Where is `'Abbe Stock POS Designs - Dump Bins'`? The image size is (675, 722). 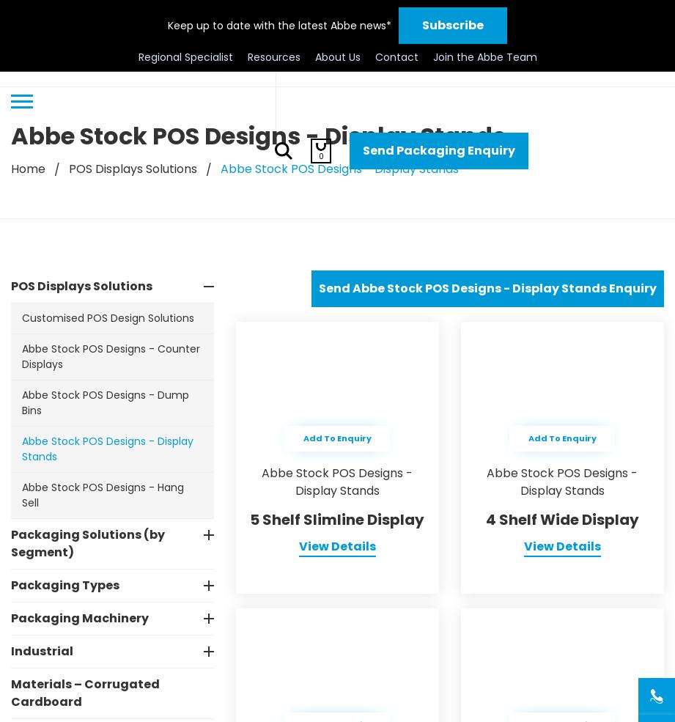
'Abbe Stock POS Designs - Dump Bins' is located at coordinates (106, 402).